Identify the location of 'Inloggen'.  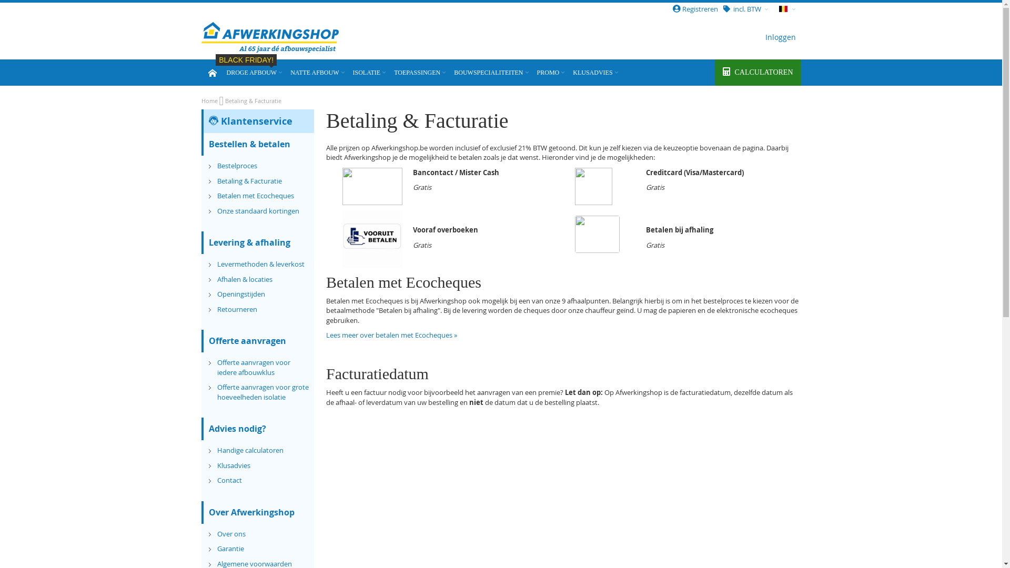
(762, 36).